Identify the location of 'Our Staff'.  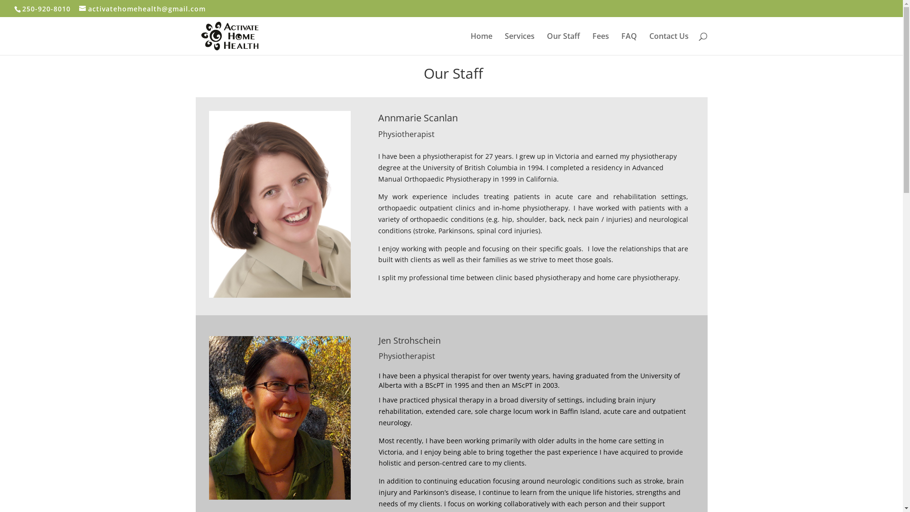
(546, 44).